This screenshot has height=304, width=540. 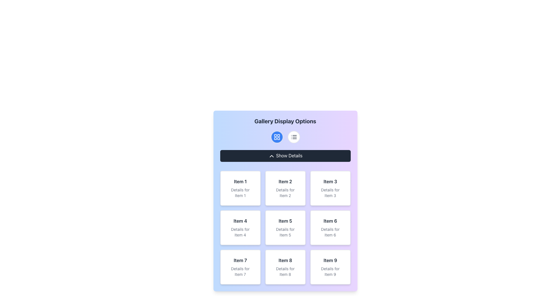 What do you see at coordinates (285, 260) in the screenshot?
I see `the Text Label that identifies the grid item titled 'Item 8', located in the central column of the bottom row of a 3x3 grid layout` at bounding box center [285, 260].